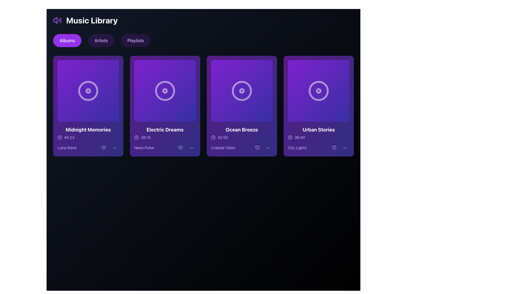 This screenshot has width=523, height=294. Describe the element at coordinates (223, 137) in the screenshot. I see `the text label displaying '42:50' in a small-sized, purple-styled font located in the bottom-left corner of the 'Ocean Breeze' card, next to the clock icon` at that location.